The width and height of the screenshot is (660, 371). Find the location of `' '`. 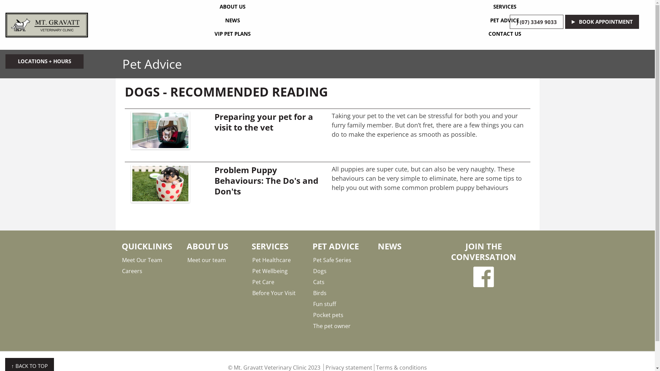

' ' is located at coordinates (483, 277).